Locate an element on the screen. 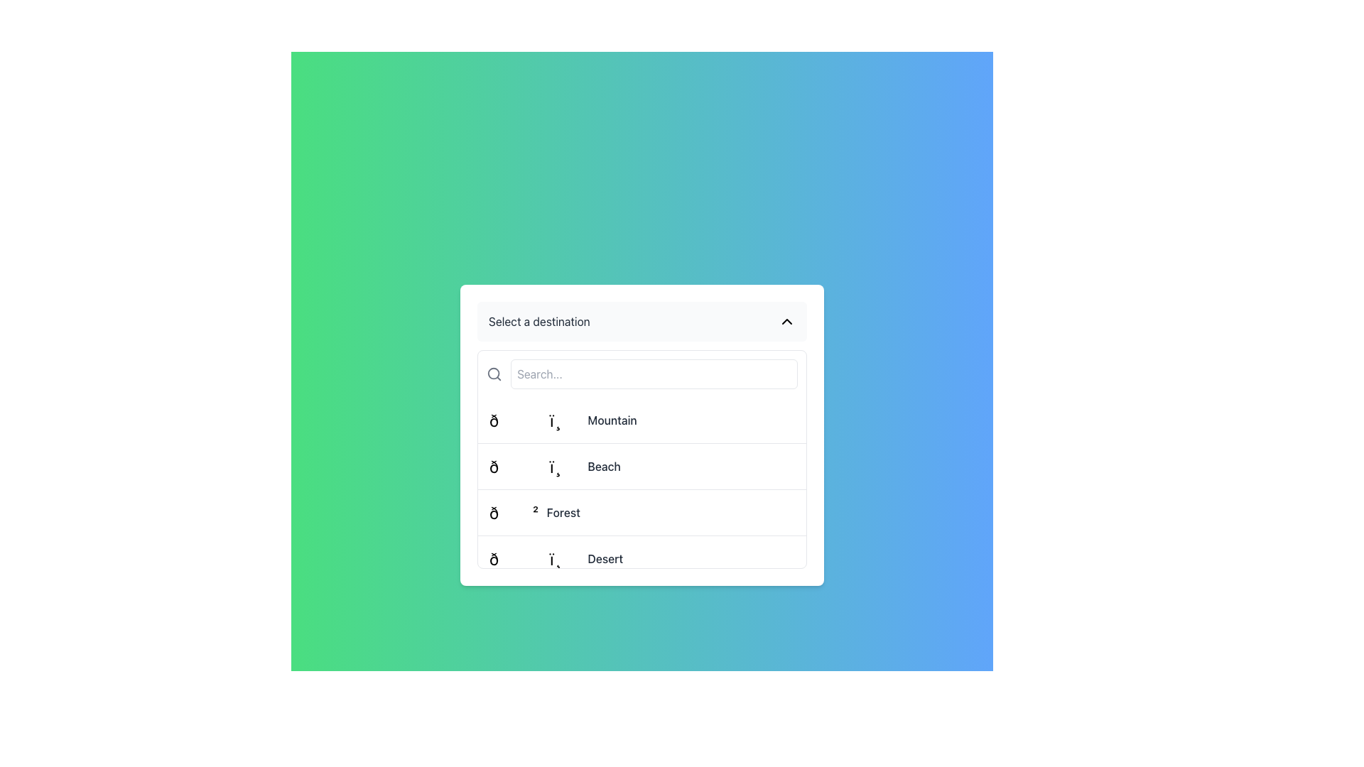  the selectable item 'Forest' in the third row of the dropdown list under 'Select a destination' is located at coordinates (534, 512).